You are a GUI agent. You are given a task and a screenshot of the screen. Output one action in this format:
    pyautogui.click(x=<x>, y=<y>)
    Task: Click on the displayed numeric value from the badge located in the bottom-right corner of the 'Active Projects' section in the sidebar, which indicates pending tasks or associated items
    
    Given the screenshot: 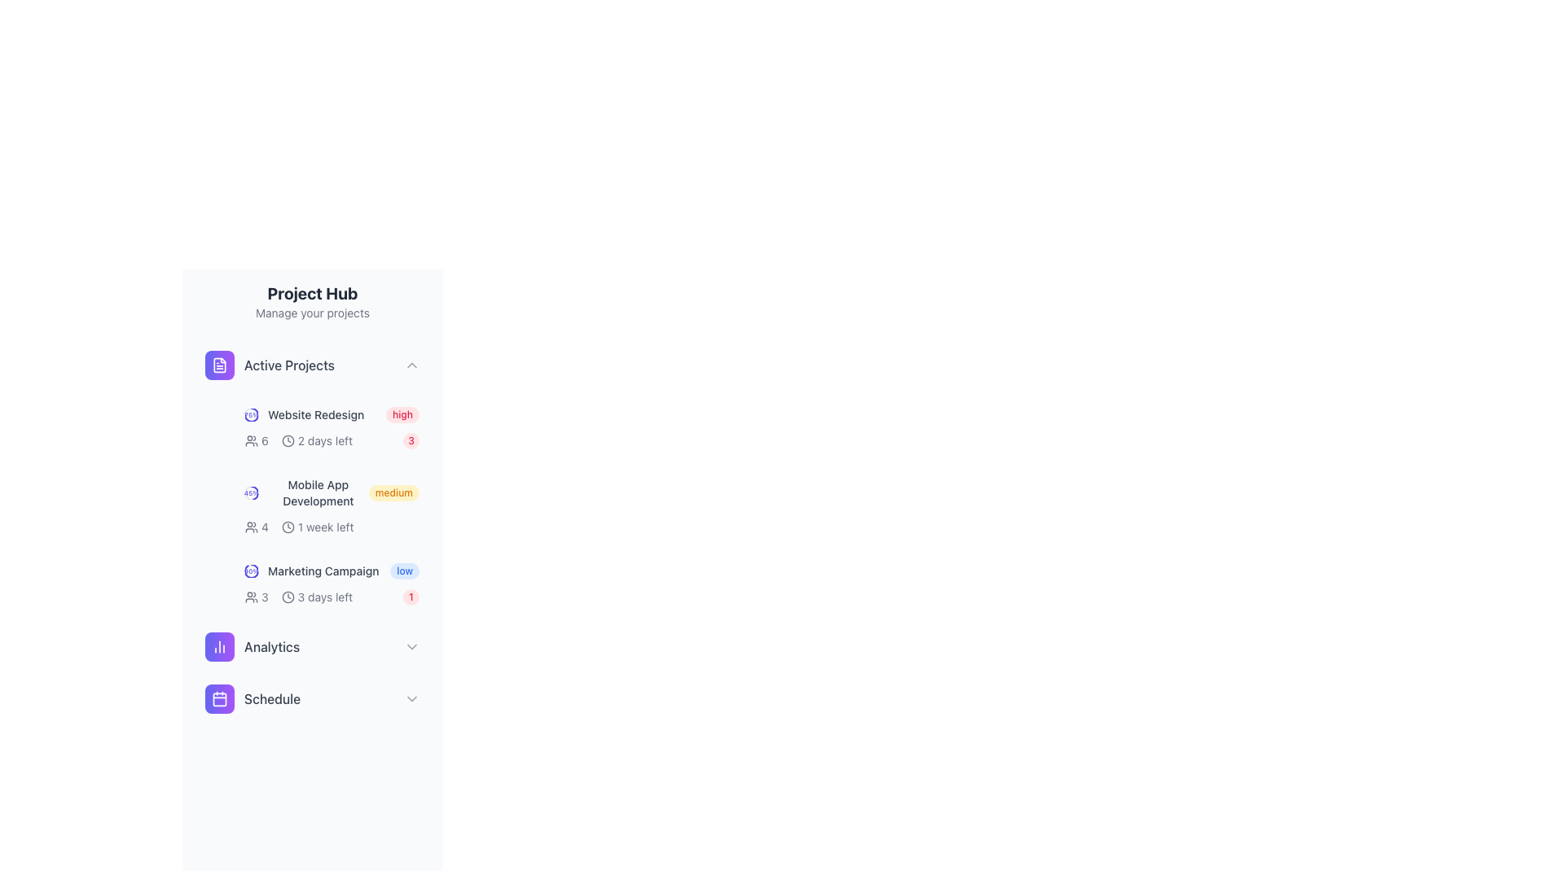 What is the action you would take?
    pyautogui.click(x=411, y=441)
    